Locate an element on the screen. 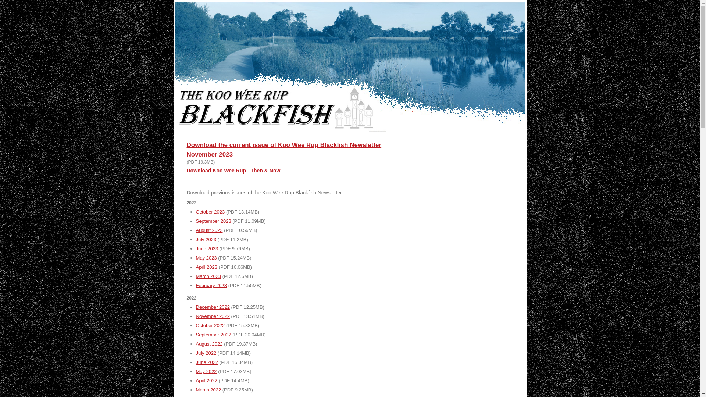  'August 2023' is located at coordinates (208, 230).